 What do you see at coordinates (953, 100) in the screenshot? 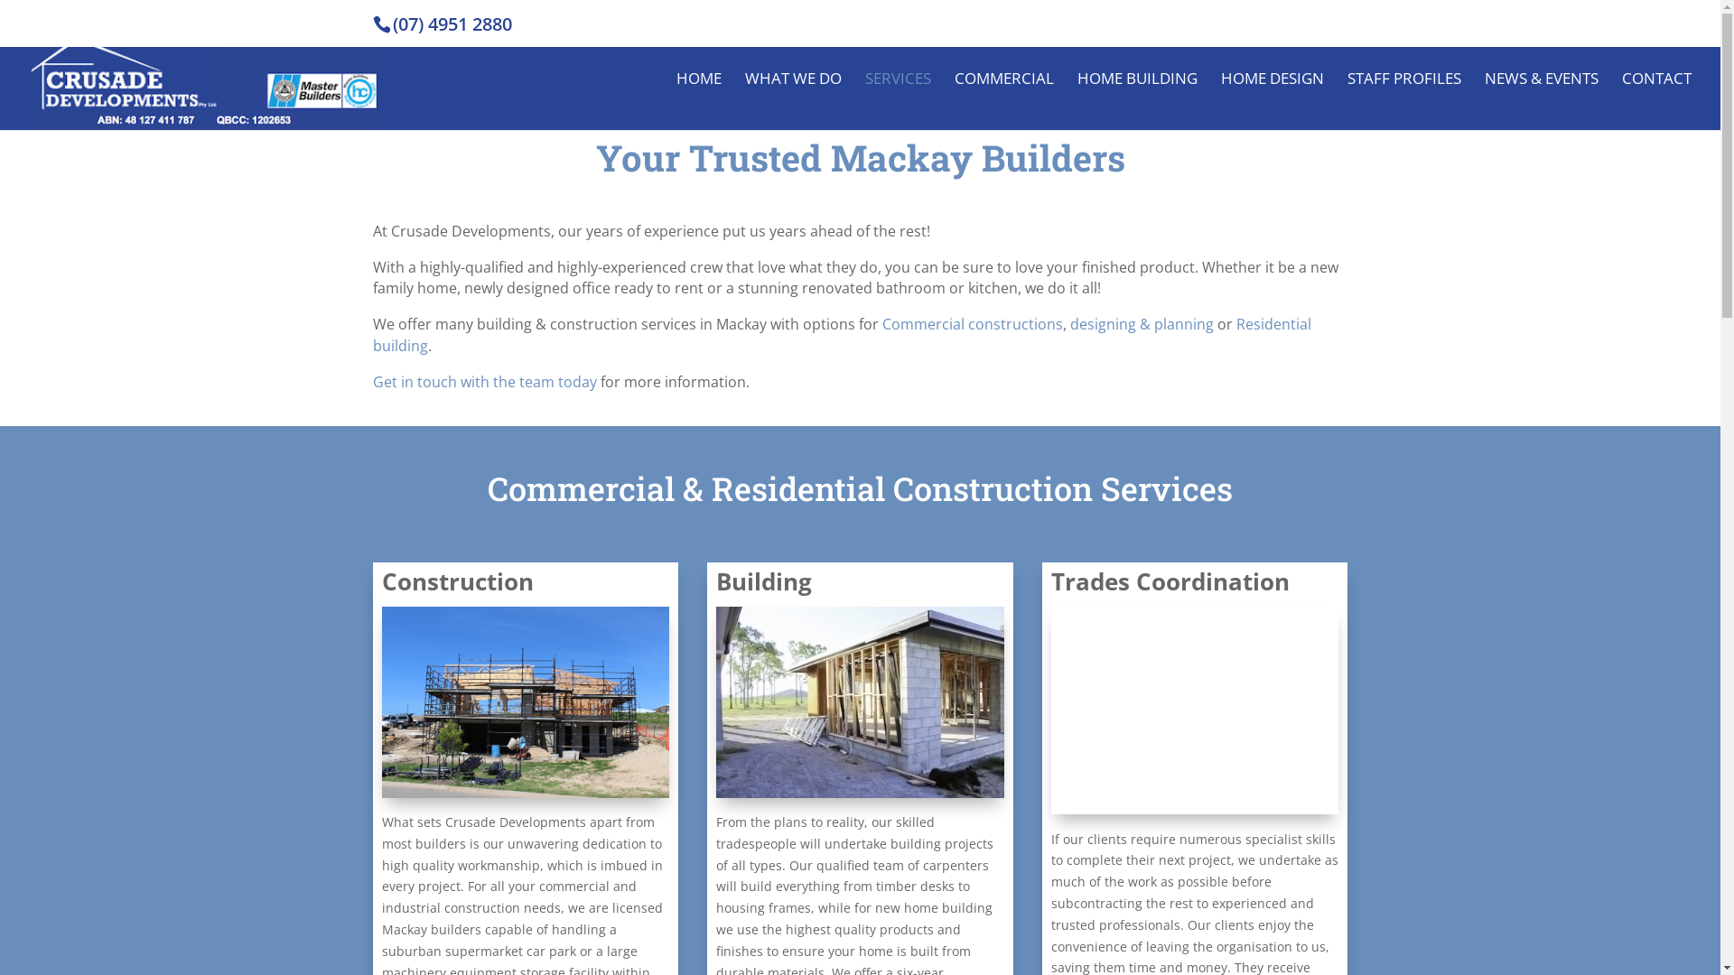
I see `'COMMERCIAL'` at bounding box center [953, 100].